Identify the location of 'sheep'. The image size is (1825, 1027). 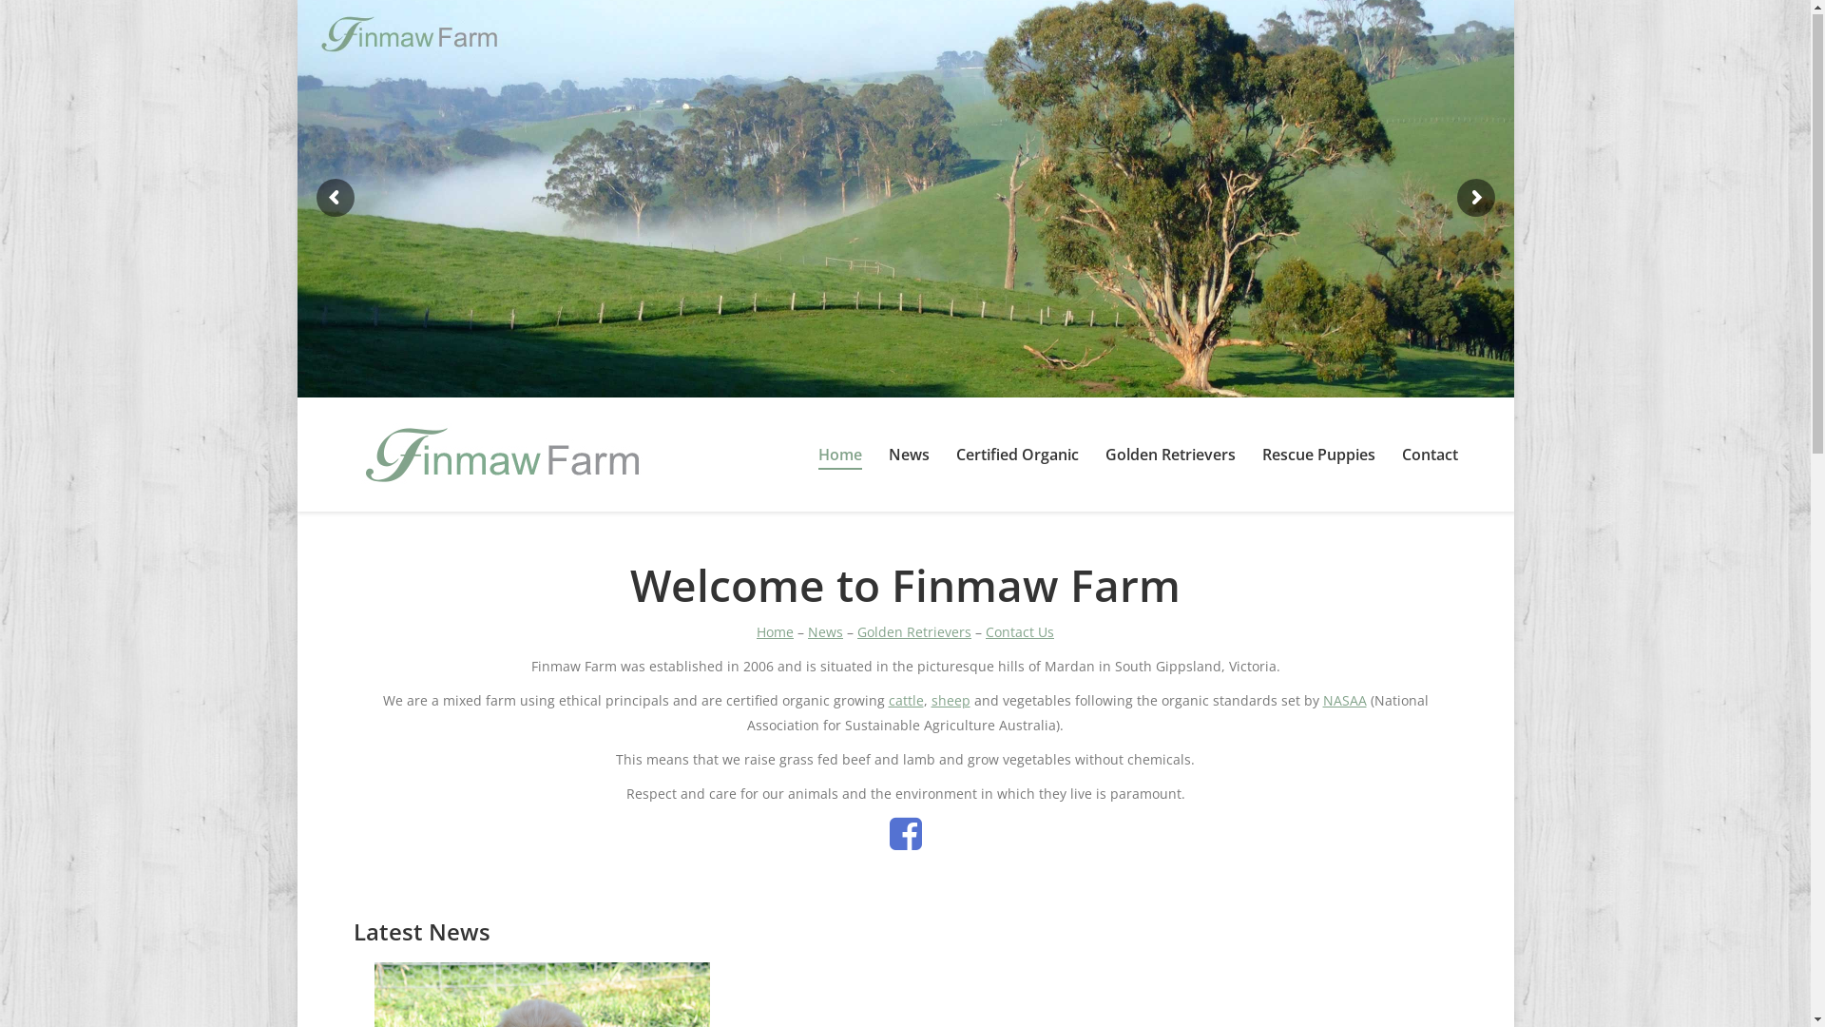
(951, 702).